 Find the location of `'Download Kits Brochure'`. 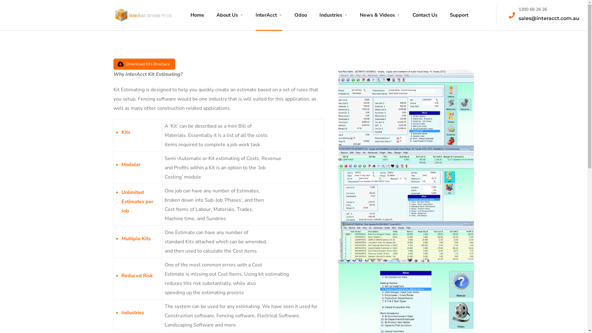

'Download Kits Brochure' is located at coordinates (113, 64).